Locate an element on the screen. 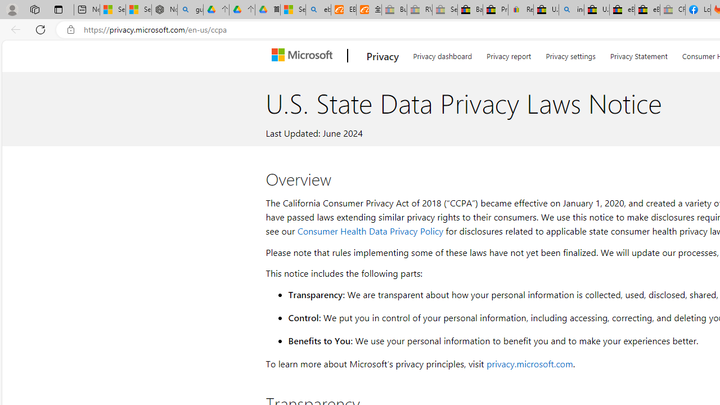  'eBay Inc. Reports Third Quarter 2023 Results' is located at coordinates (647, 10).